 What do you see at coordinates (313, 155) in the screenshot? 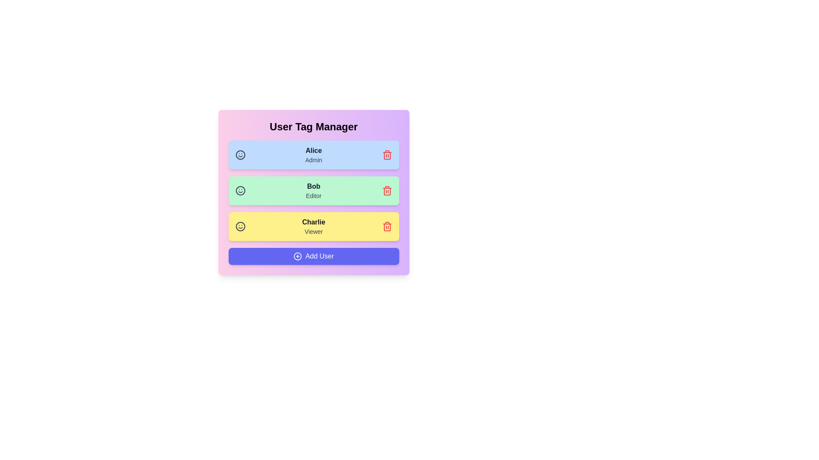
I see `the color-coded section for the role Admin` at bounding box center [313, 155].